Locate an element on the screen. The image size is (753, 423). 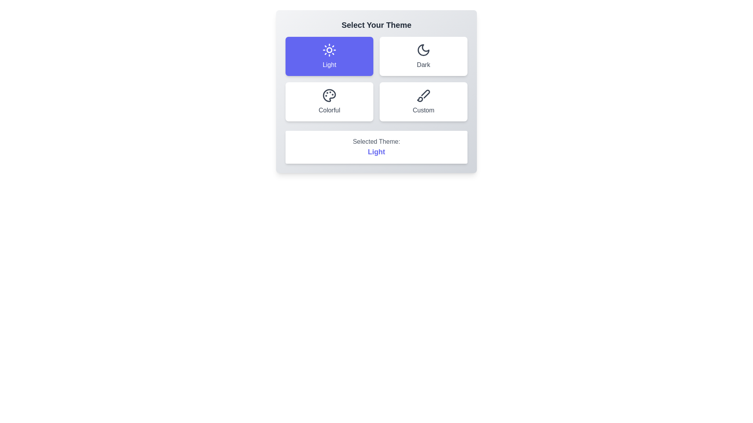
the theme button labeled Dark to observe the hover effect is located at coordinates (423, 56).